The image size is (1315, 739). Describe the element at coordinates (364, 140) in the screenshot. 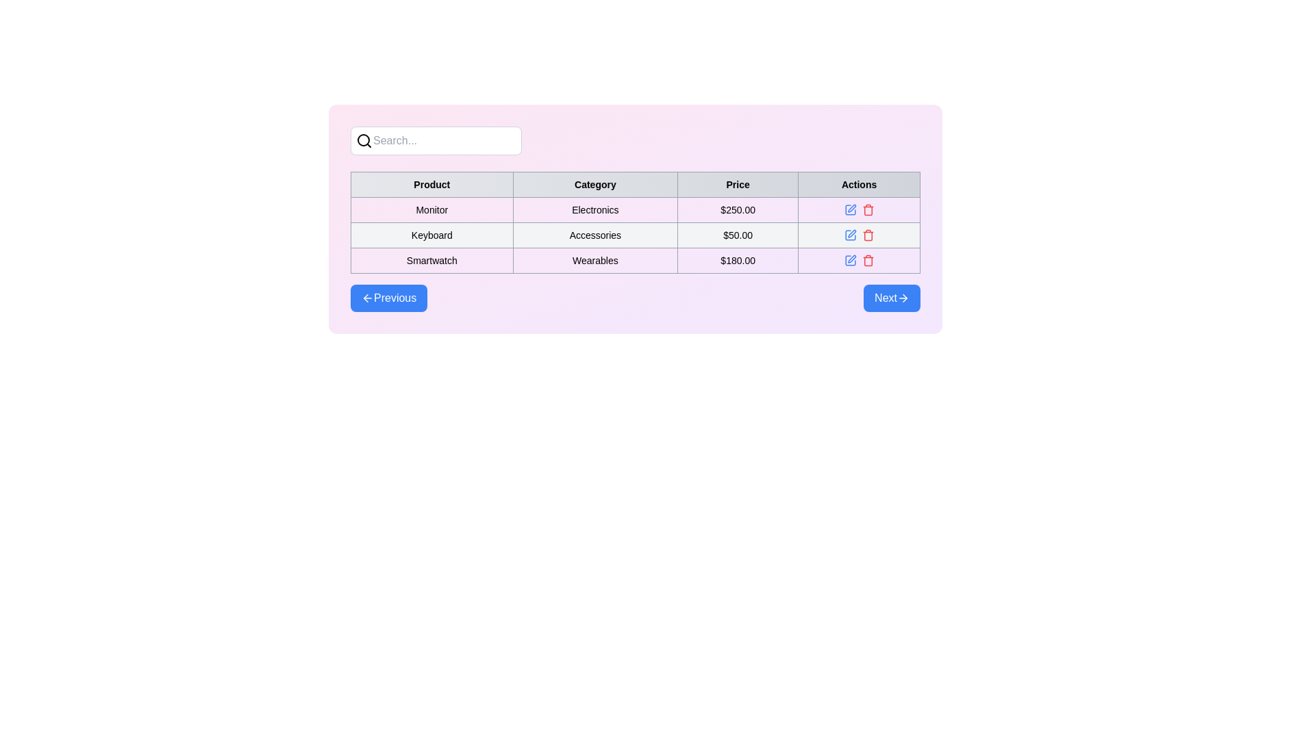

I see `the search icon located at the left edge of the search input area, which indicates the search functionality for the adjacent input field` at that location.